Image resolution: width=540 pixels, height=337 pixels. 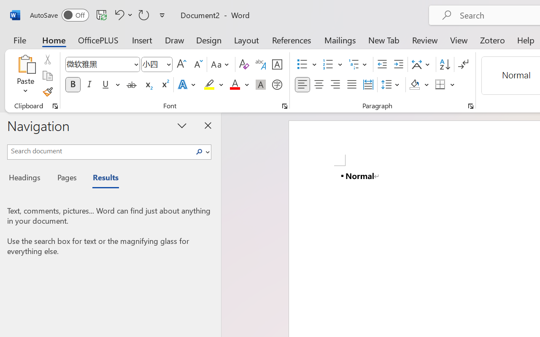 What do you see at coordinates (187, 85) in the screenshot?
I see `'Text Effects and Typography'` at bounding box center [187, 85].